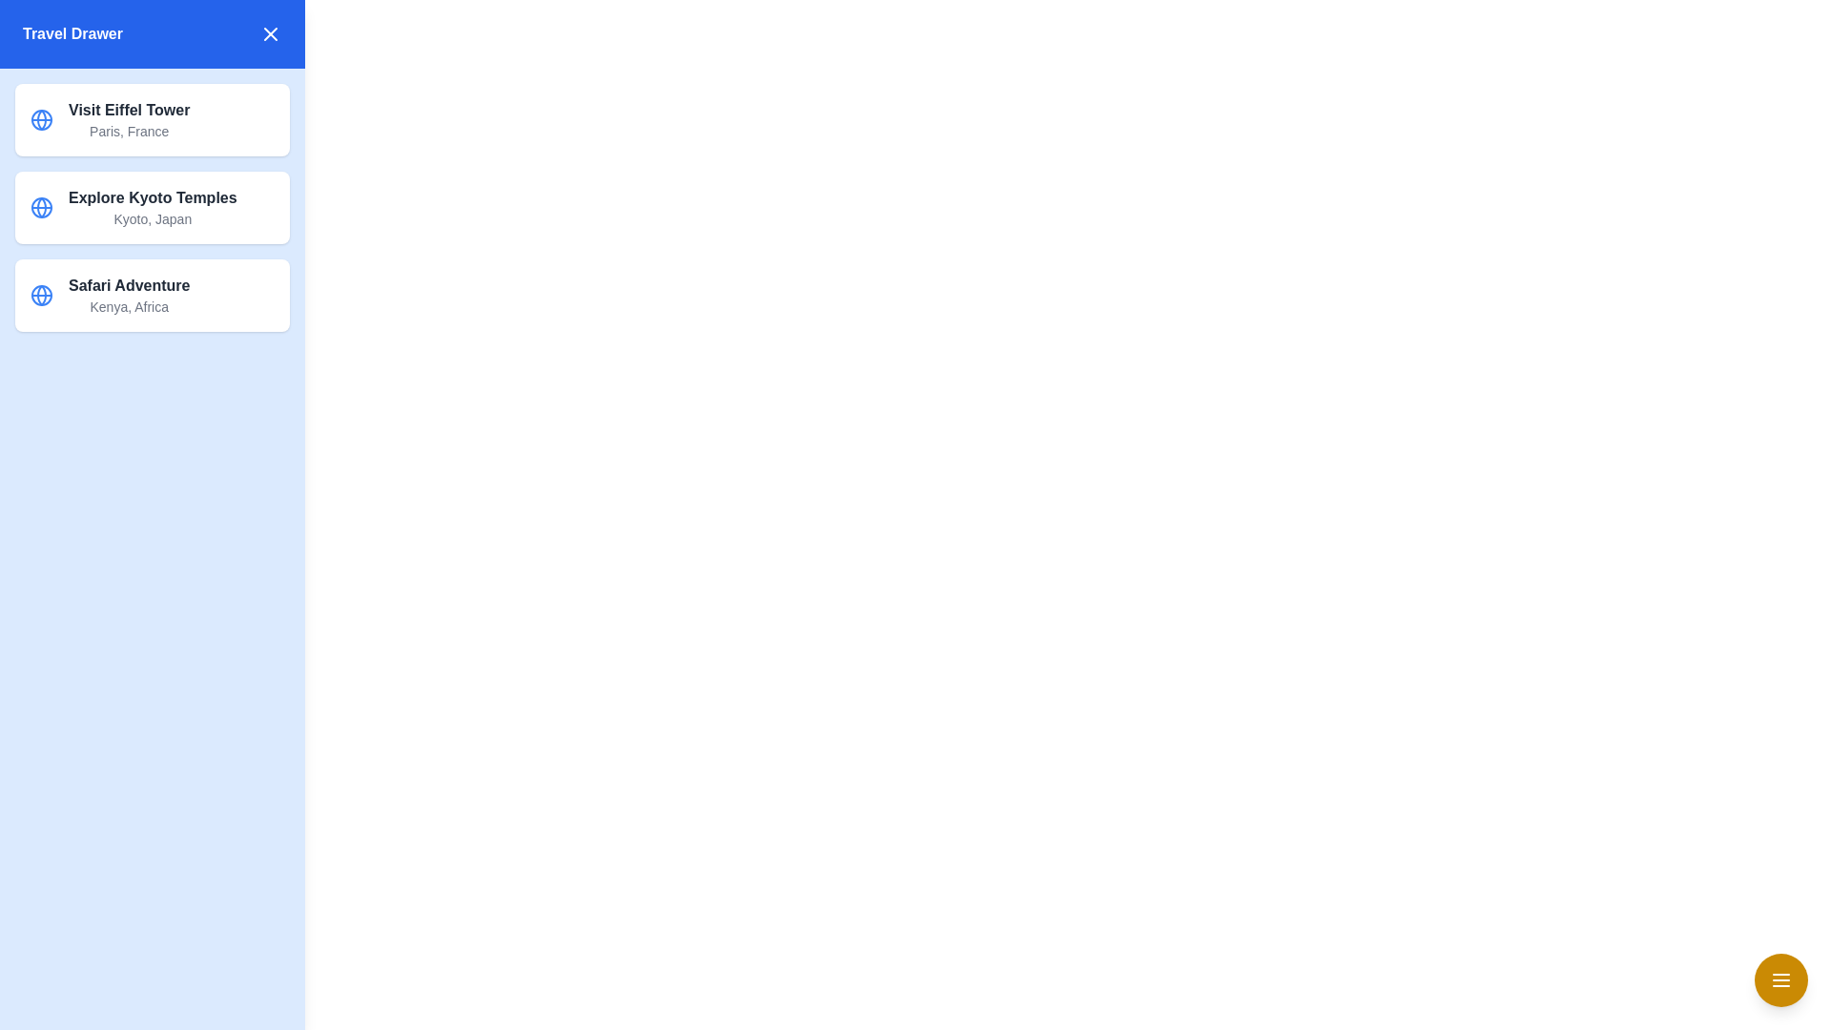 The width and height of the screenshot is (1831, 1030). I want to click on the text label displaying 'Kyoto, Japan' located in the sidebar titled 'Travel Drawer' under the heading 'Explore Kyoto Temples.', so click(153, 218).